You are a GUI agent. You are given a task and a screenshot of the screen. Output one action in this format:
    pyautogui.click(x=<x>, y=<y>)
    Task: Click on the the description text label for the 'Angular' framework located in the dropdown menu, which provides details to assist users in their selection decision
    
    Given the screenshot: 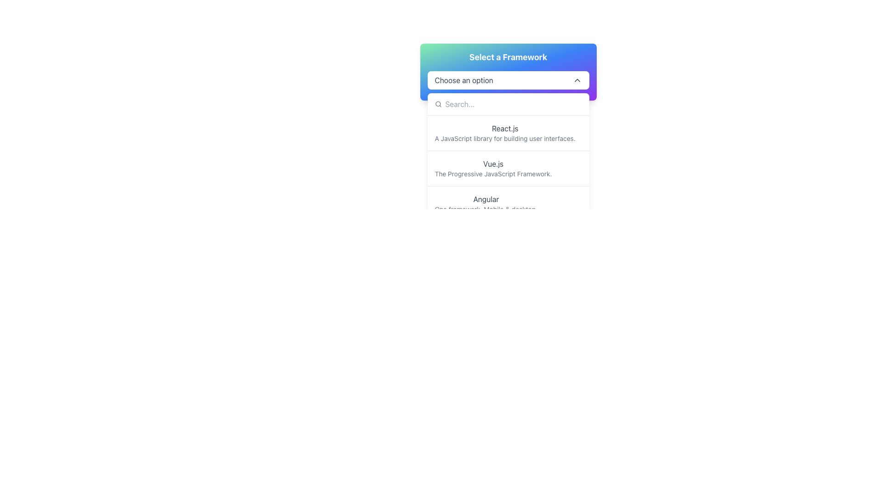 What is the action you would take?
    pyautogui.click(x=486, y=209)
    